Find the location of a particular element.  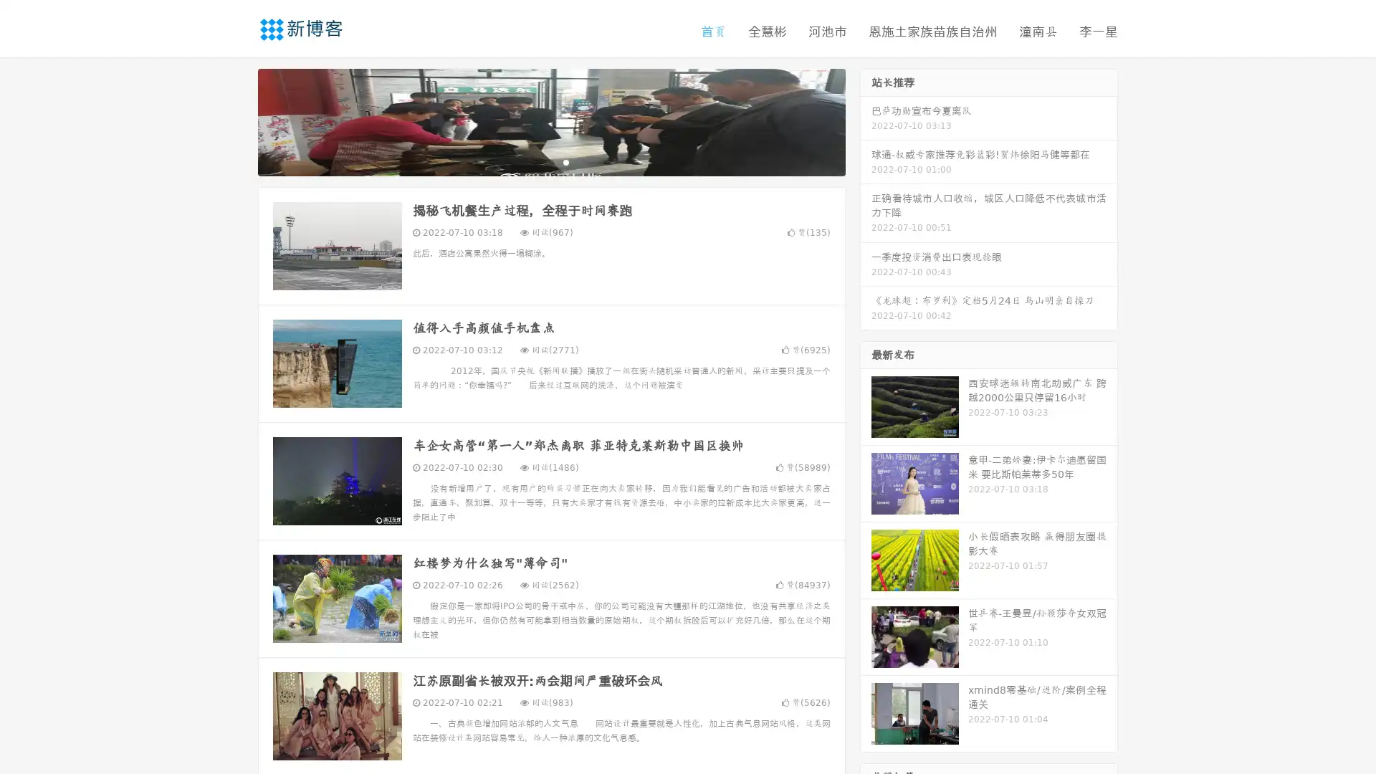

Go to slide 1 is located at coordinates (536, 161).